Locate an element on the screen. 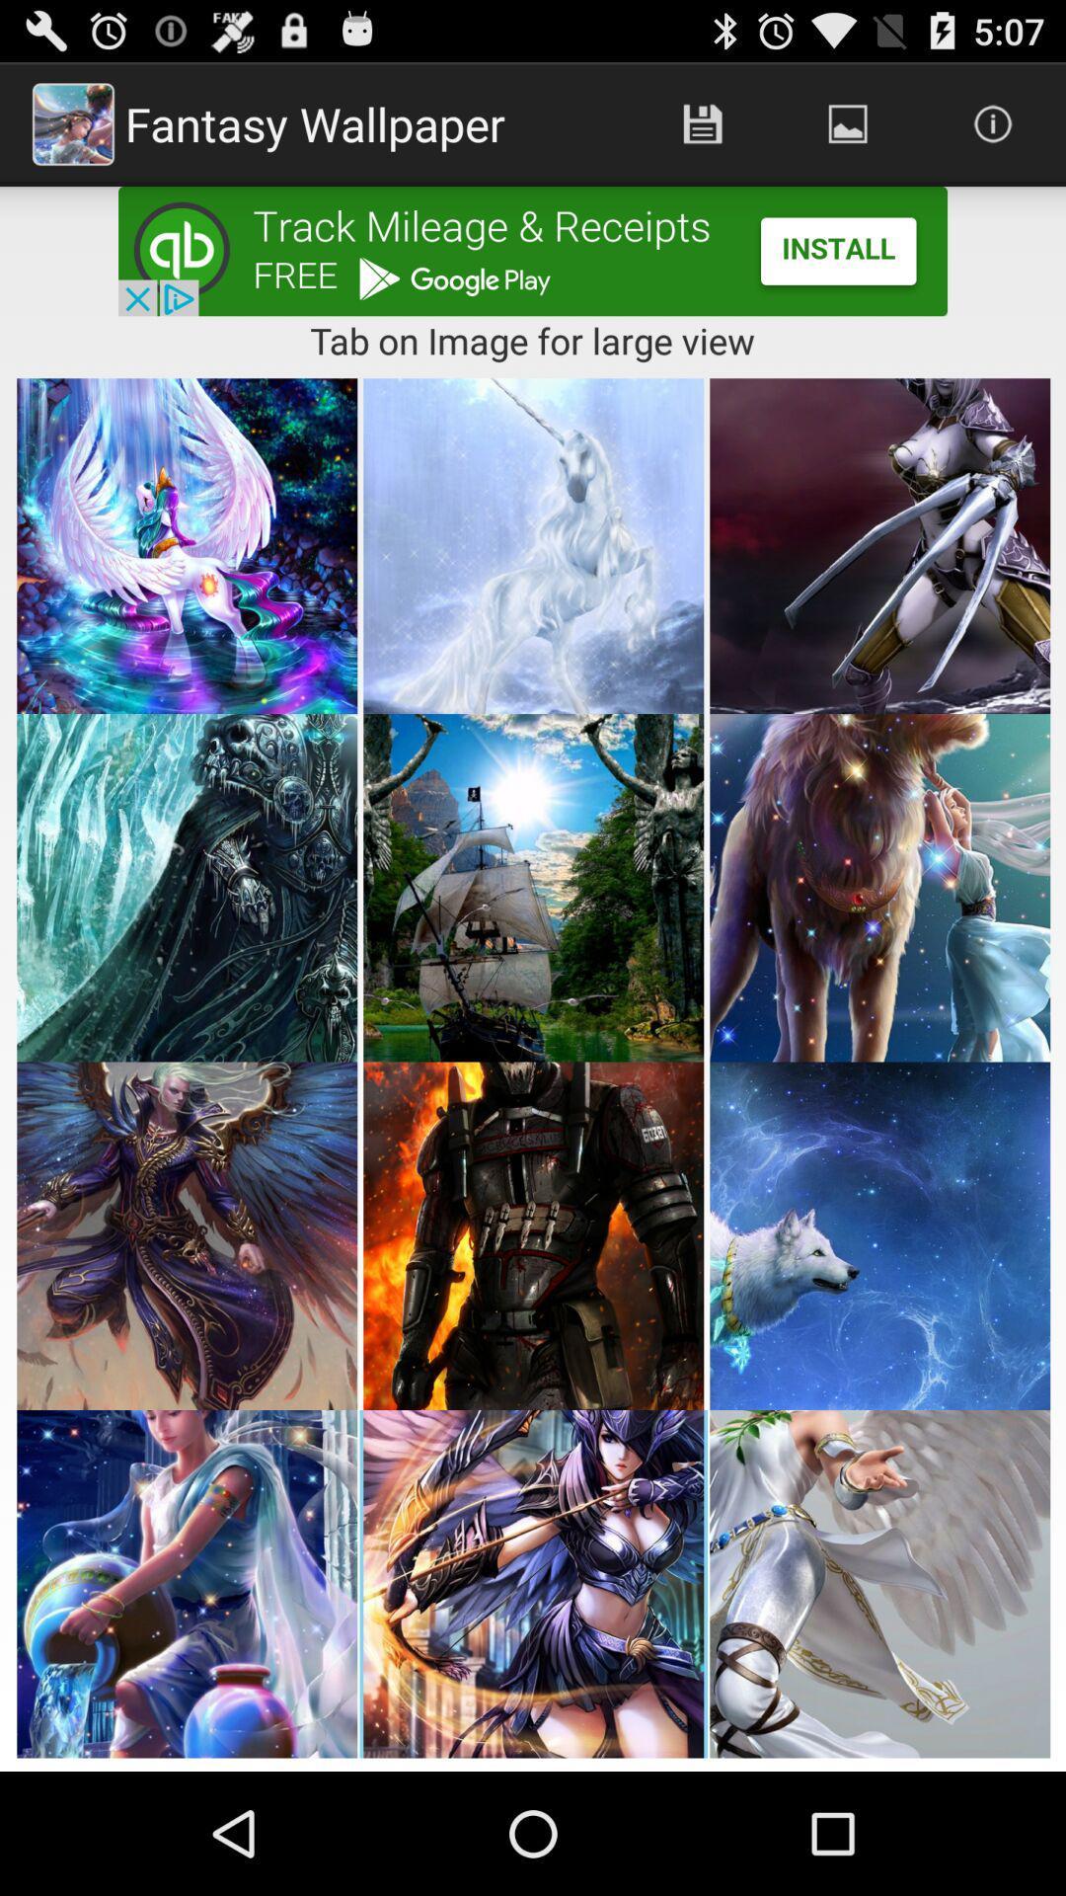 This screenshot has width=1066, height=1896. second row third image is located at coordinates (878, 887).